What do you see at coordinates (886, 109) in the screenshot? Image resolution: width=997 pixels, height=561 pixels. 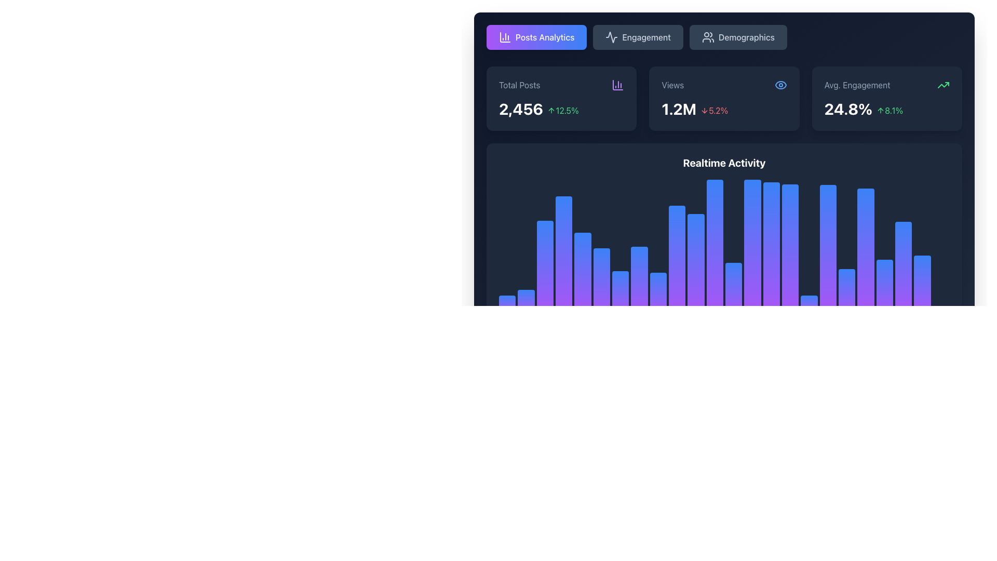 I see `displayed information from the Statistical Display Component located in the rightmost card of the top row of the dashboard, beneath the 'Avg. Engagement' label` at bounding box center [886, 109].